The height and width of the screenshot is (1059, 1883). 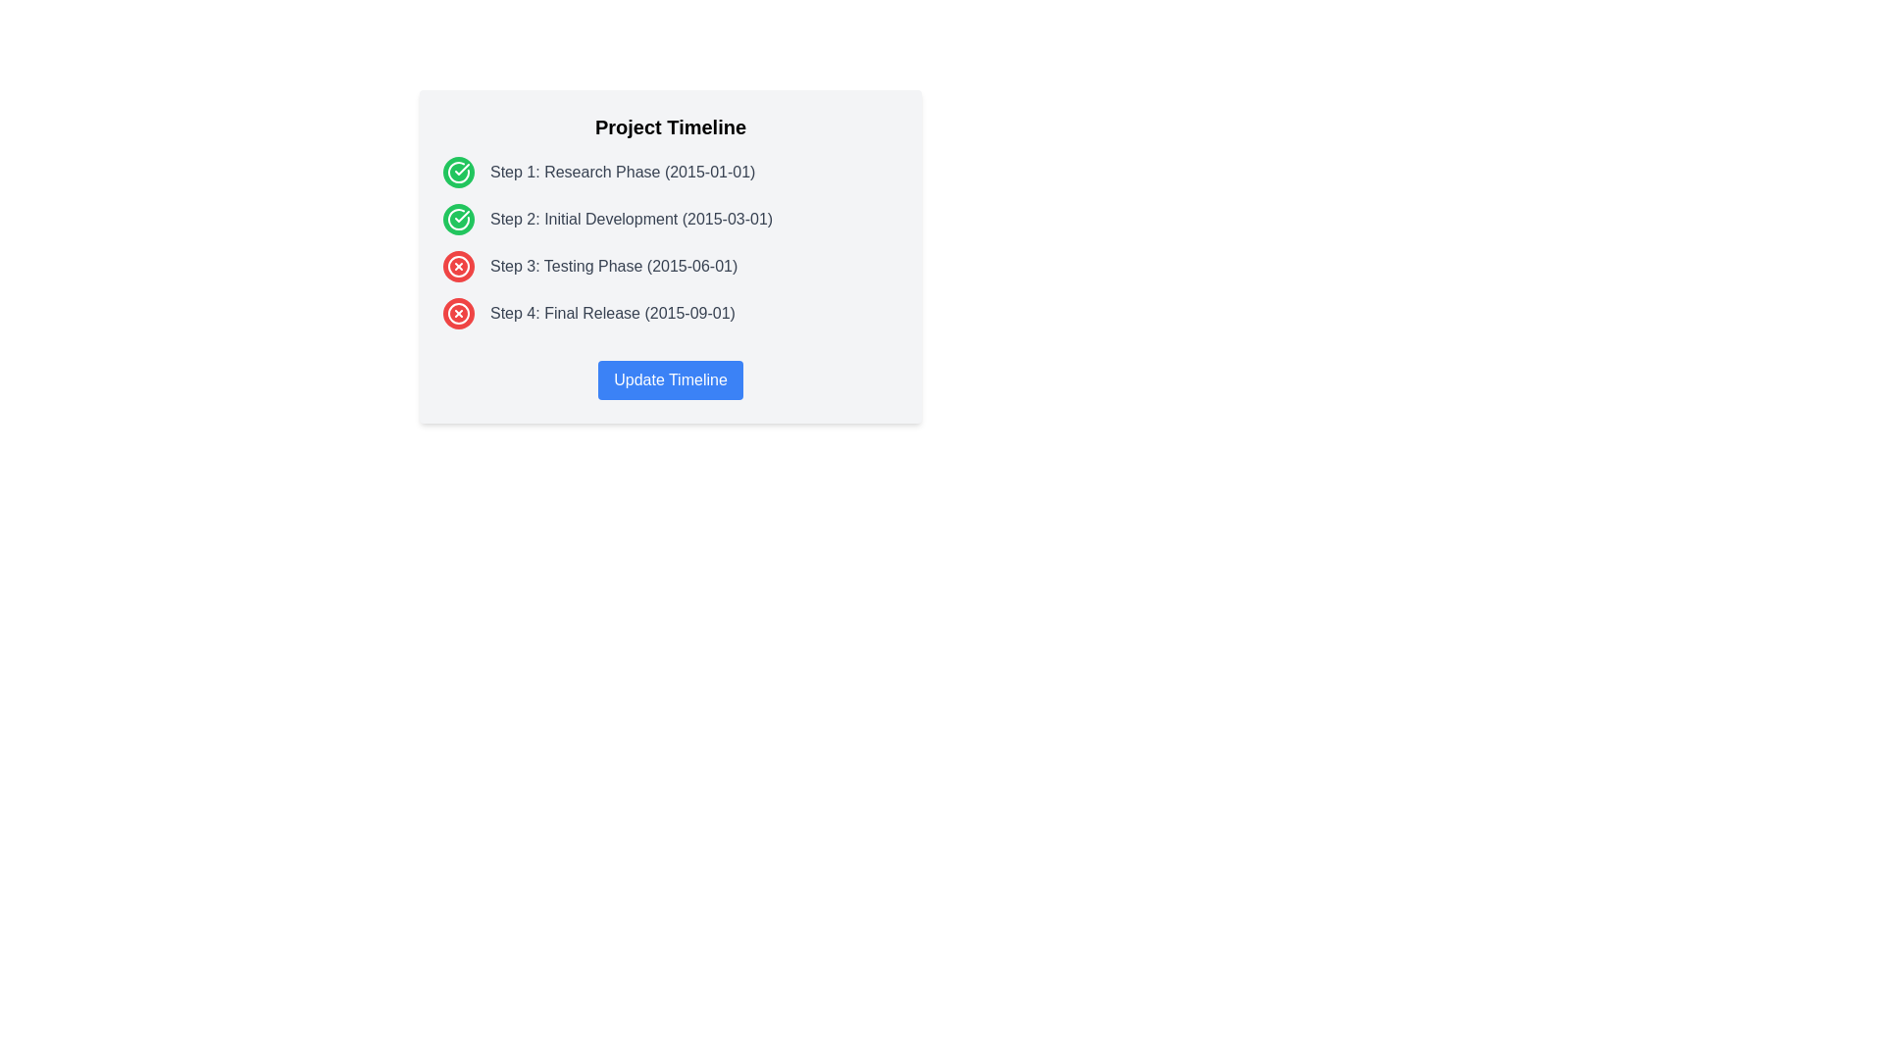 What do you see at coordinates (457, 219) in the screenshot?
I see `the second icon in the vertical sequence that indicates the successful completion of the second phase in the timeline, located to the left of the text 'Step 2: Initial Development (2015-03-01).'` at bounding box center [457, 219].